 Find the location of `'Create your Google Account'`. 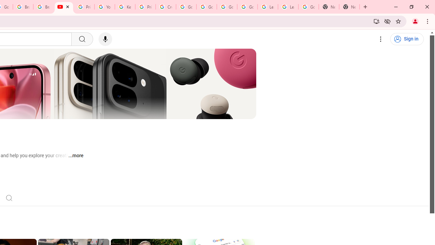

'Create your Google Account' is located at coordinates (166, 7).